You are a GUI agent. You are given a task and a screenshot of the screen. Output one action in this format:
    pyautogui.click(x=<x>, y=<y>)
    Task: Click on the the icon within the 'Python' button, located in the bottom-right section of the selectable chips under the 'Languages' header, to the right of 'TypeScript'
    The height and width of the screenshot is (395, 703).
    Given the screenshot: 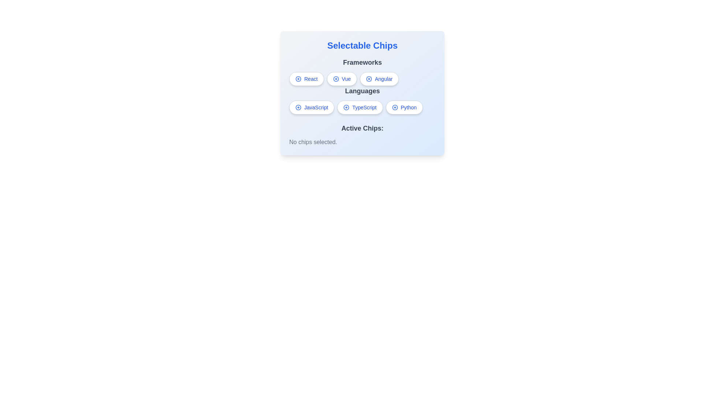 What is the action you would take?
    pyautogui.click(x=394, y=107)
    